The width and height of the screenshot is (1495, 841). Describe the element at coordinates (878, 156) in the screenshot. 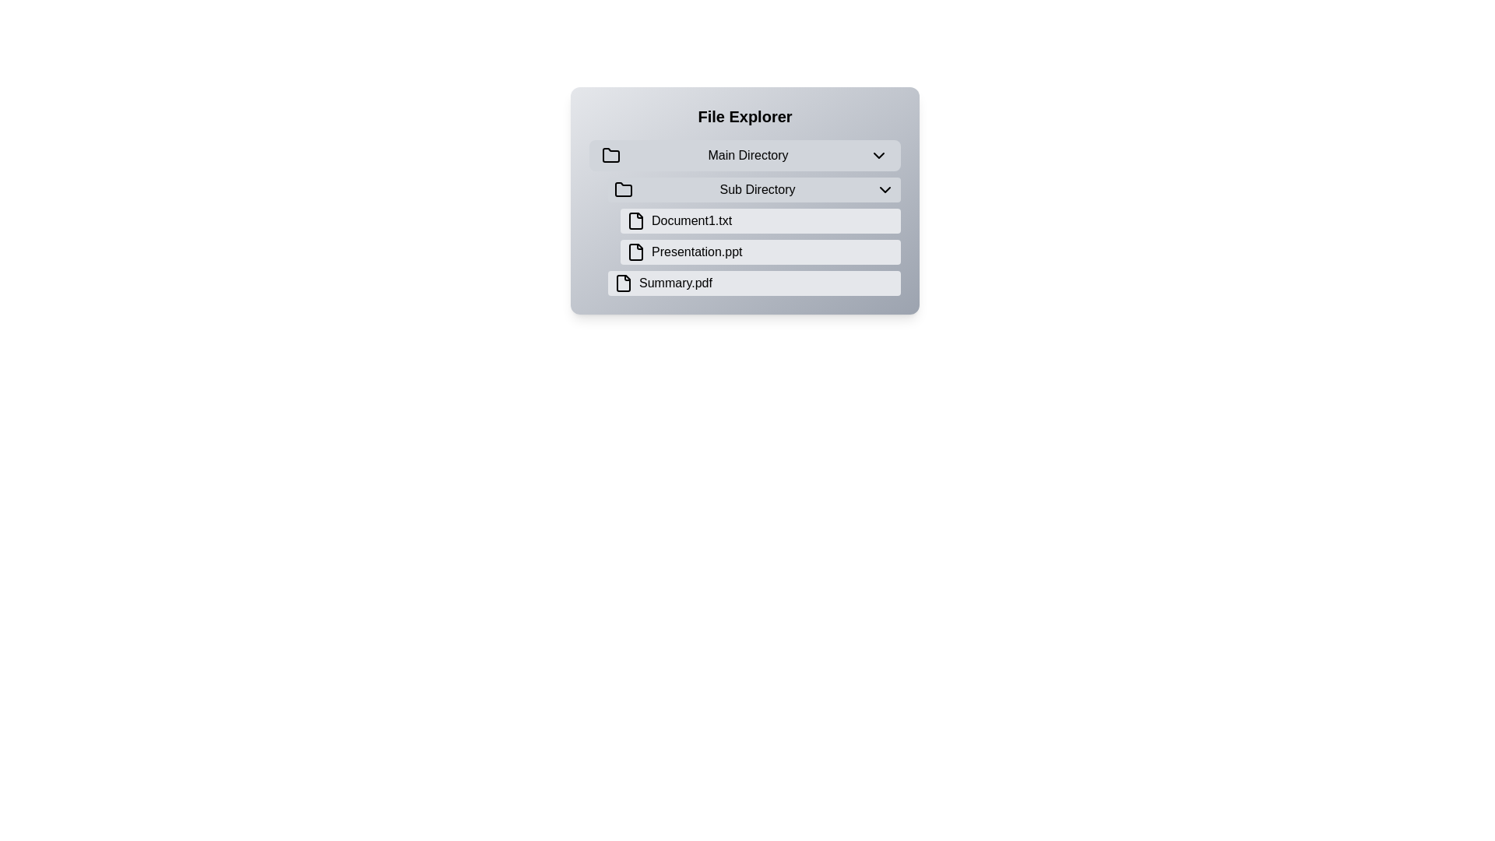

I see `the downward-pointing chevron icon located to the right of the 'Main Directory' text` at that location.